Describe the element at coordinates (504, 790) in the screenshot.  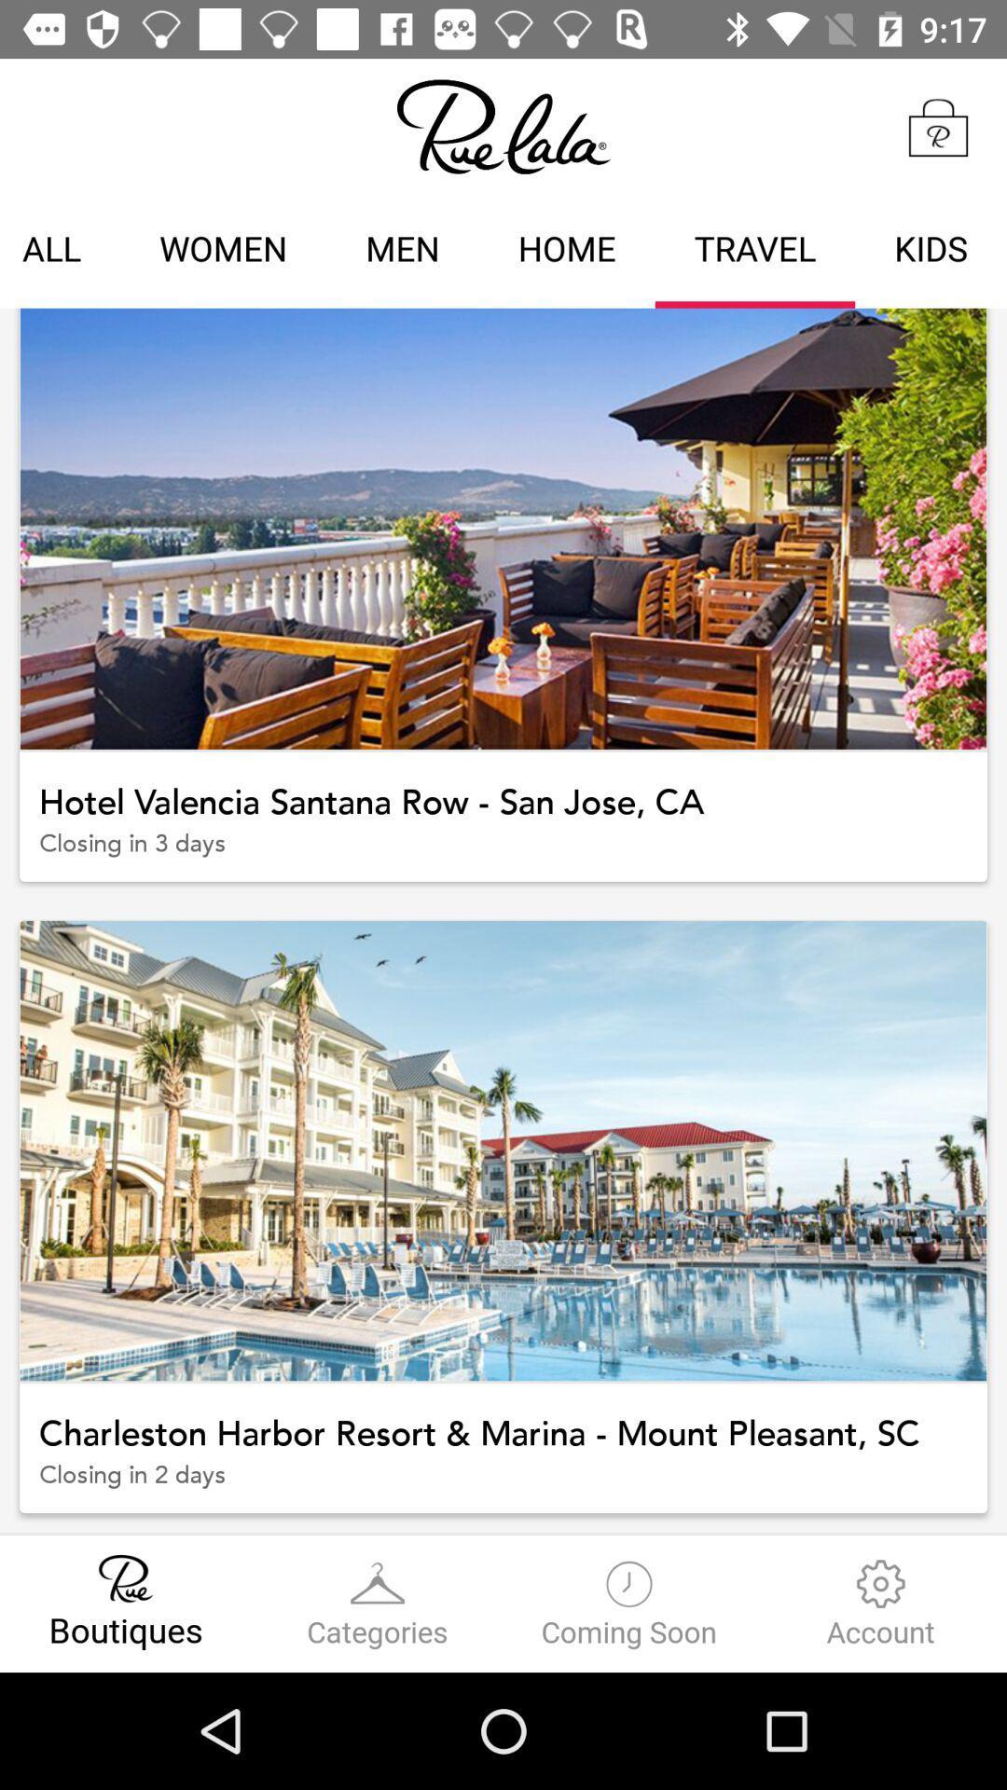
I see `hotel valencia santana item` at that location.